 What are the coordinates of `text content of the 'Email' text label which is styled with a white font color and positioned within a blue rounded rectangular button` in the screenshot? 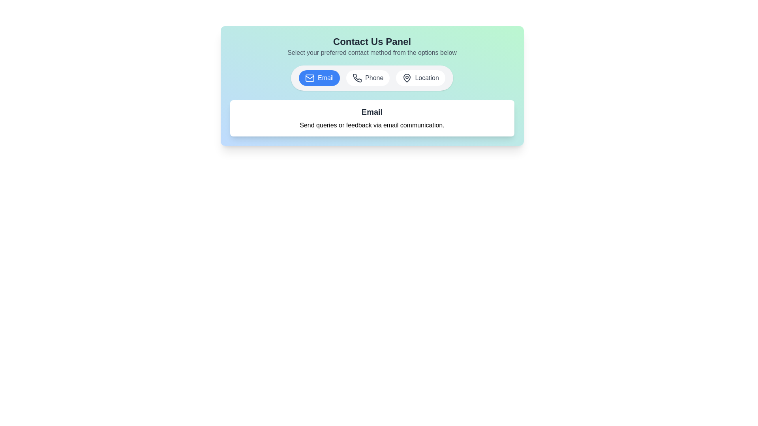 It's located at (326, 78).